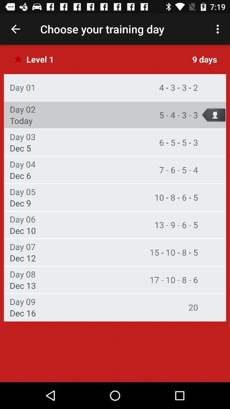  Describe the element at coordinates (15, 29) in the screenshot. I see `item above the level 1` at that location.